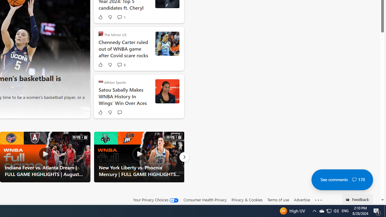  I want to click on 'Consumer Health Privacy', so click(205, 200).